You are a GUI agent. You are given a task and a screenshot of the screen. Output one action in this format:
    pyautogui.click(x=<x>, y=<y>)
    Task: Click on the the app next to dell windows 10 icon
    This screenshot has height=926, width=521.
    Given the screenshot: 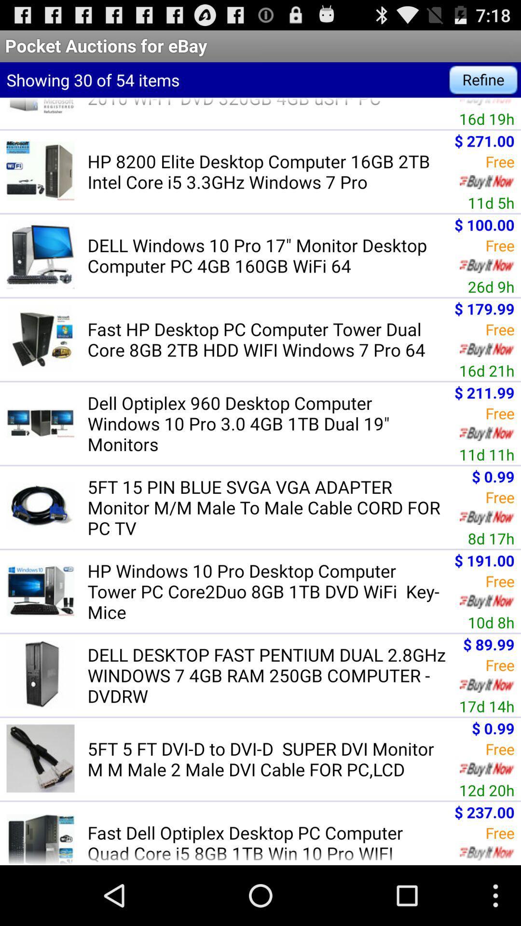 What is the action you would take?
    pyautogui.click(x=491, y=286)
    